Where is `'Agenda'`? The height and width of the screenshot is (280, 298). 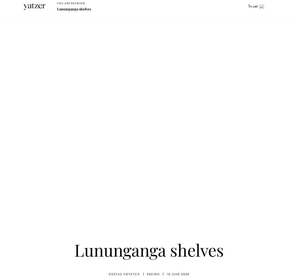 'Agenda' is located at coordinates (220, 19).